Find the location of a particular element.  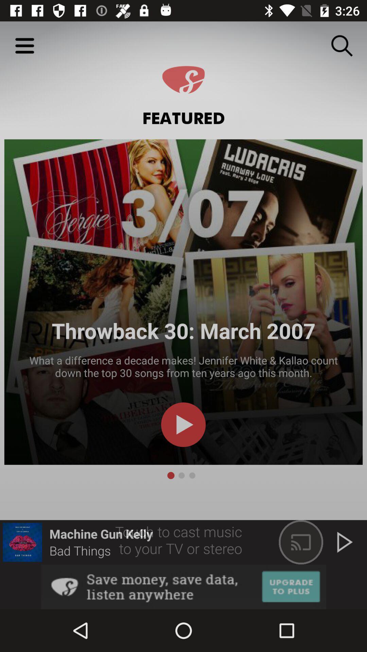

the play icon which is on bottom right is located at coordinates (345, 542).